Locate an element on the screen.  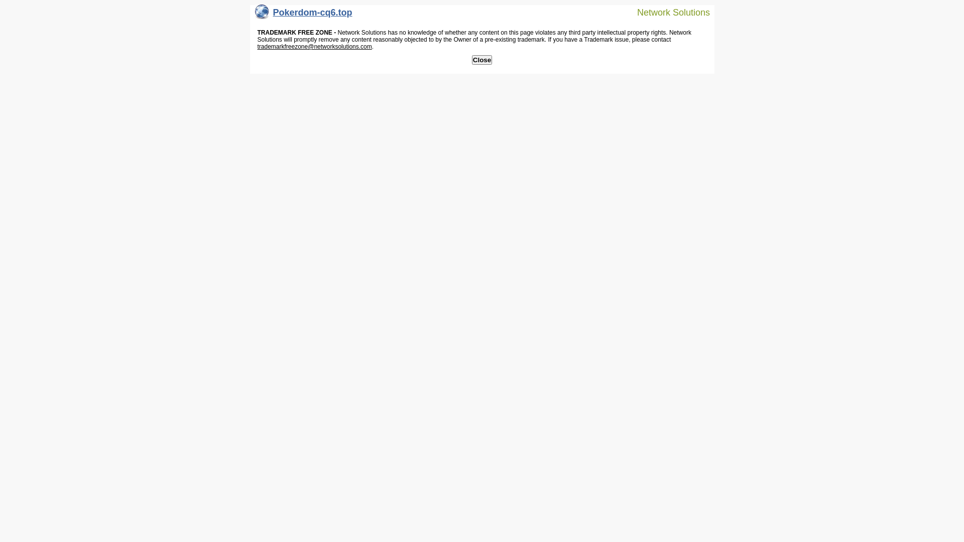
'Network Solutions' is located at coordinates (667, 12).